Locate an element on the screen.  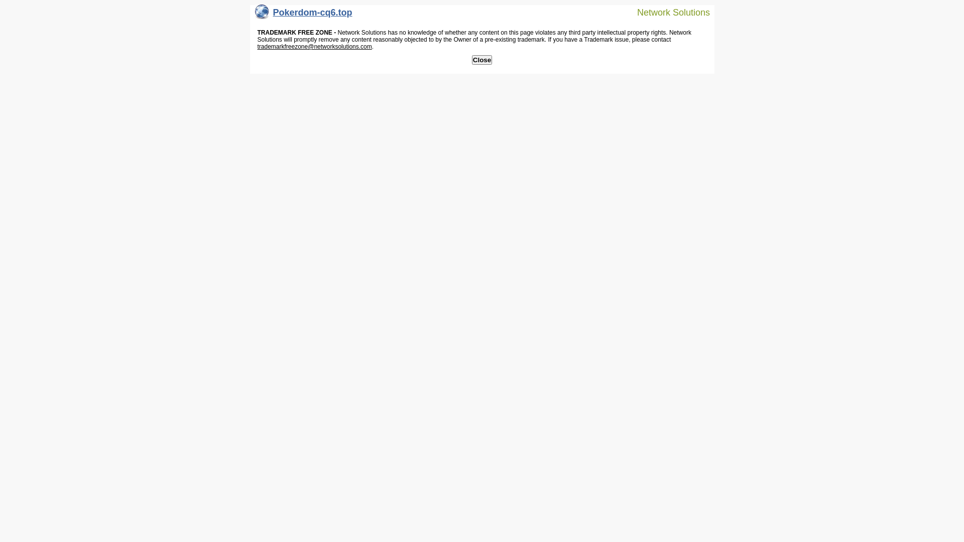
'Network Solutions' is located at coordinates (667, 12).